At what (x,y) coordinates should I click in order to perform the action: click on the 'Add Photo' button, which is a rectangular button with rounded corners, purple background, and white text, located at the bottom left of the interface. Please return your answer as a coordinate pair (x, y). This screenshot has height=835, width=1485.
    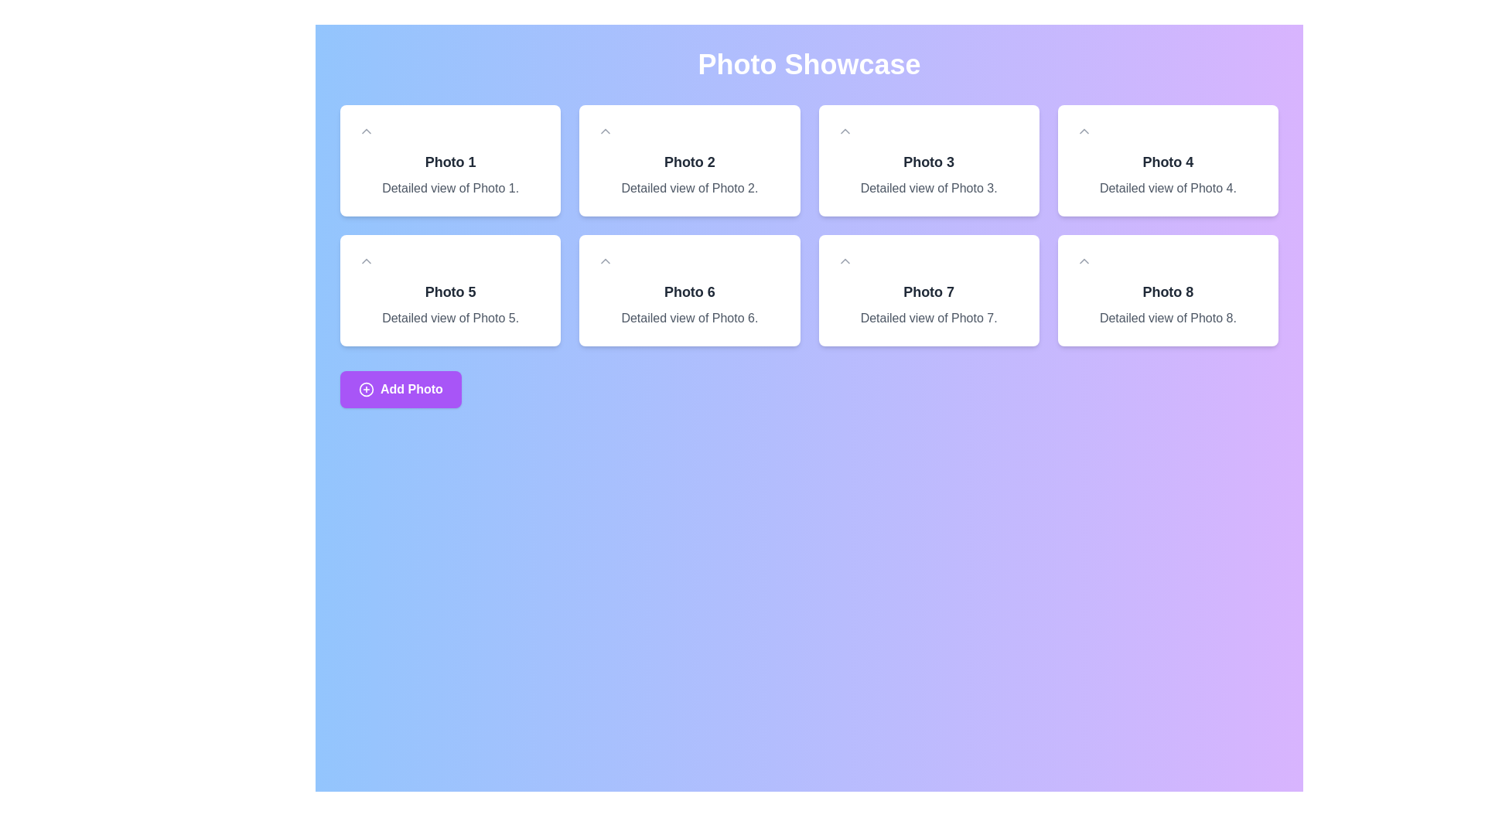
    Looking at the image, I should click on (401, 389).